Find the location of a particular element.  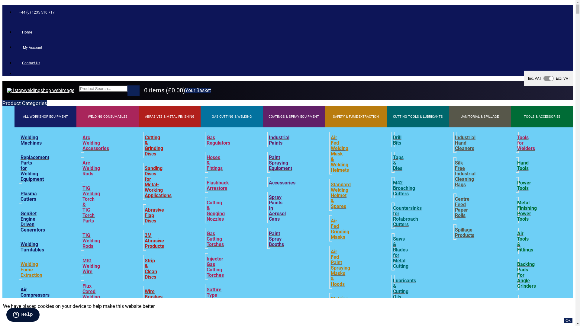

'+44 (0) 1235 510 717' is located at coordinates (36, 12).